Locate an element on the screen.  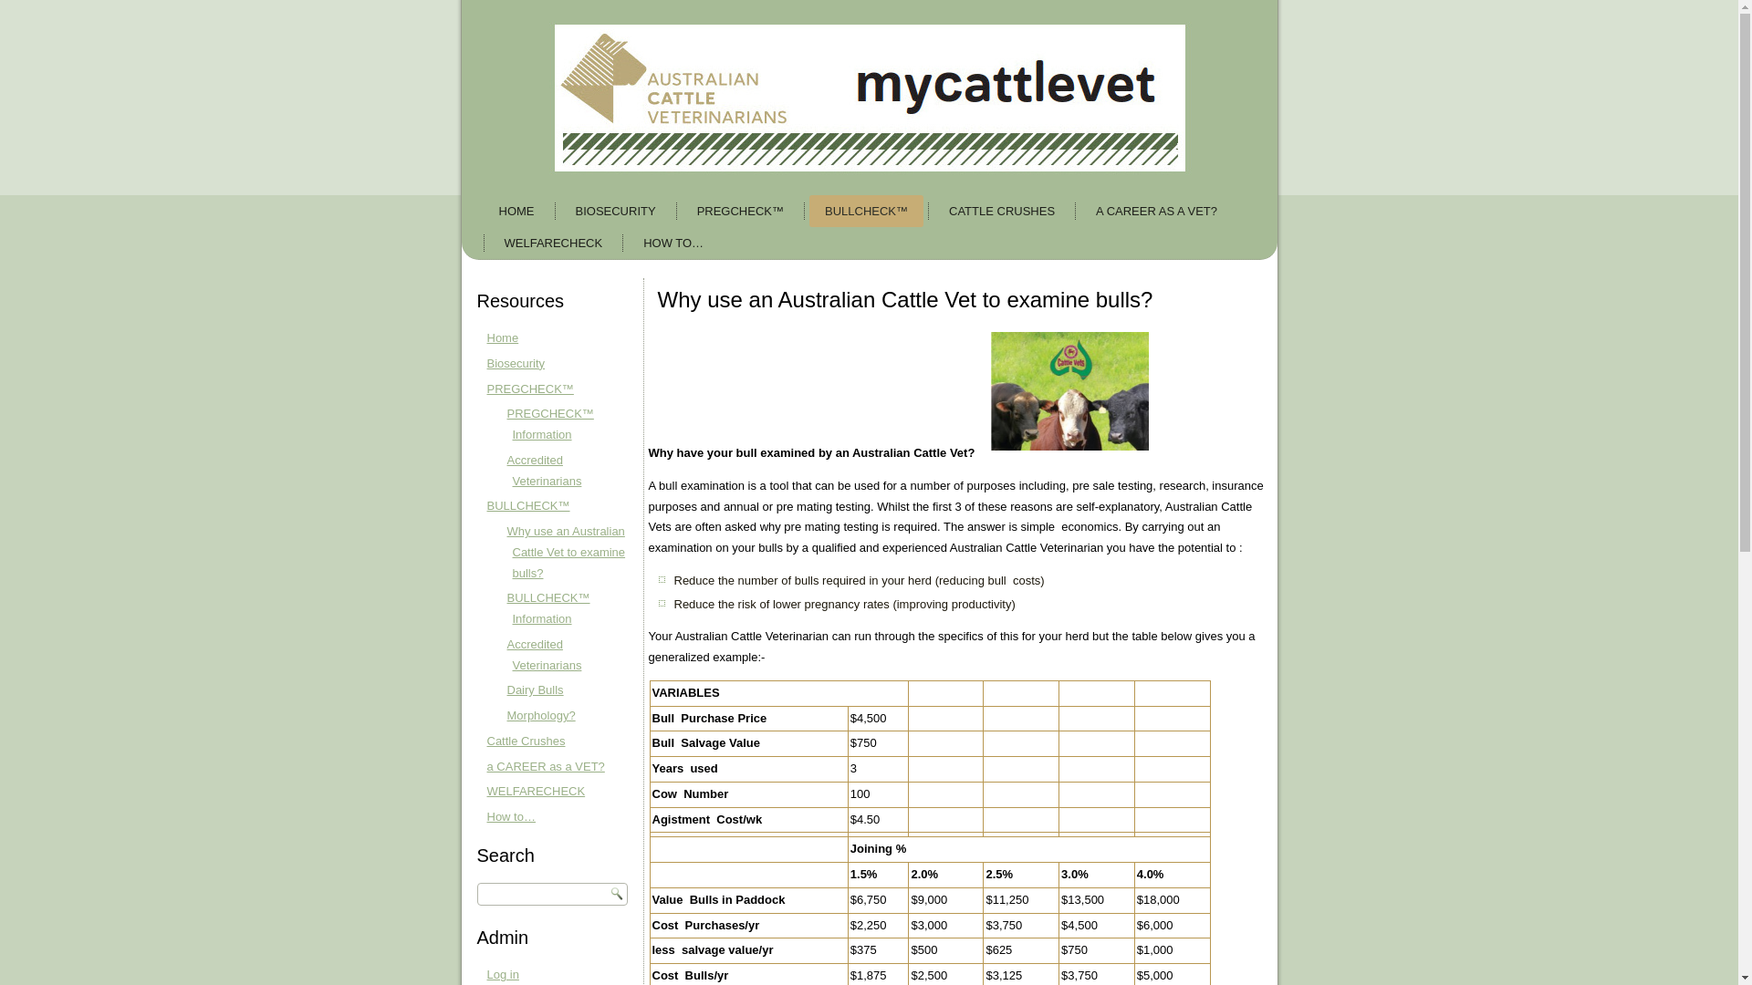
'Accredited Veterinarians' is located at coordinates (507, 470).